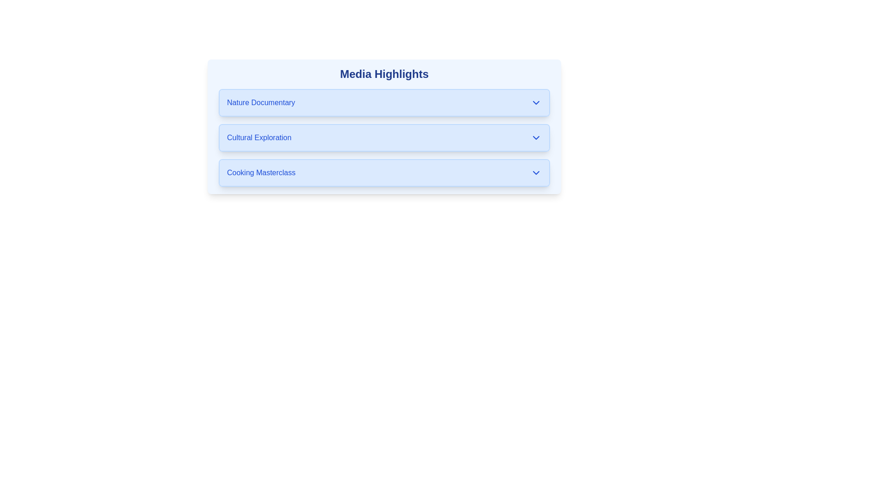  Describe the element at coordinates (258, 138) in the screenshot. I see `text label 'Cultural Exploration' which is the second menu item in the 'Media Highlights' section, displayed in blue text on a light-blue background` at that location.